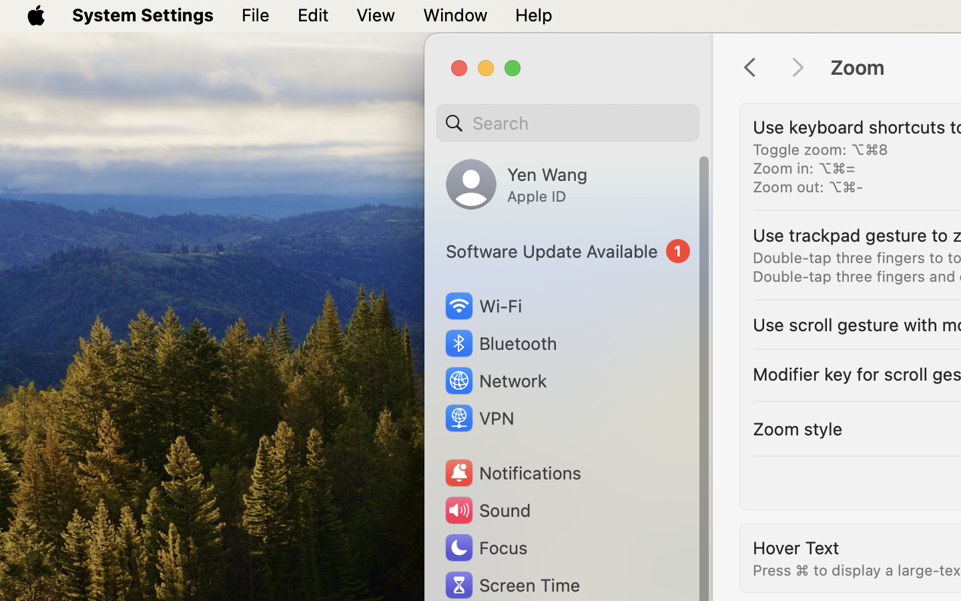 The width and height of the screenshot is (961, 601). I want to click on 'VPN', so click(478, 418).